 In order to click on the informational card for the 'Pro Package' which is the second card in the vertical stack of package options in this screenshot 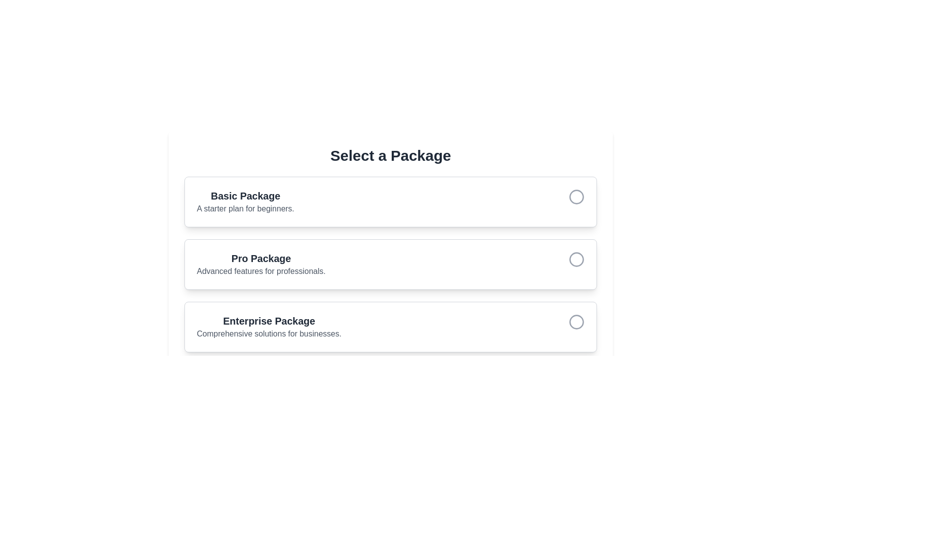, I will do `click(390, 264)`.